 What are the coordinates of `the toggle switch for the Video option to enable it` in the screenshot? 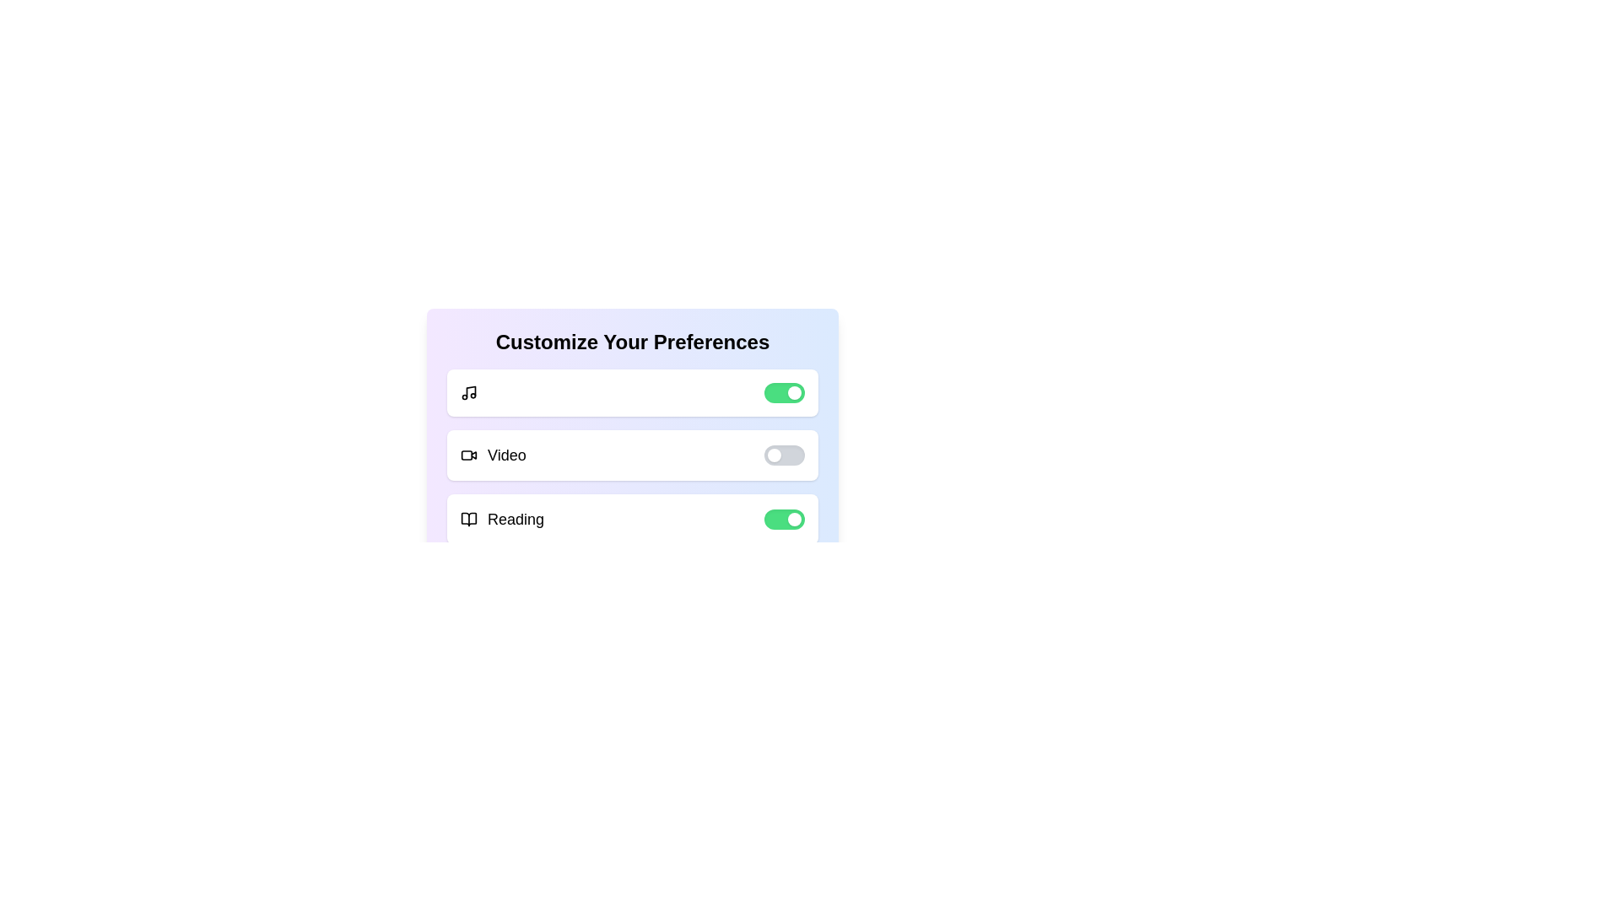 It's located at (784, 455).